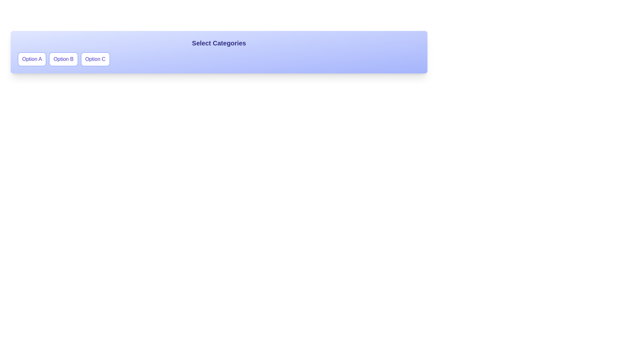 This screenshot has width=618, height=348. I want to click on the Option B button to toggle its selection state, so click(63, 59).